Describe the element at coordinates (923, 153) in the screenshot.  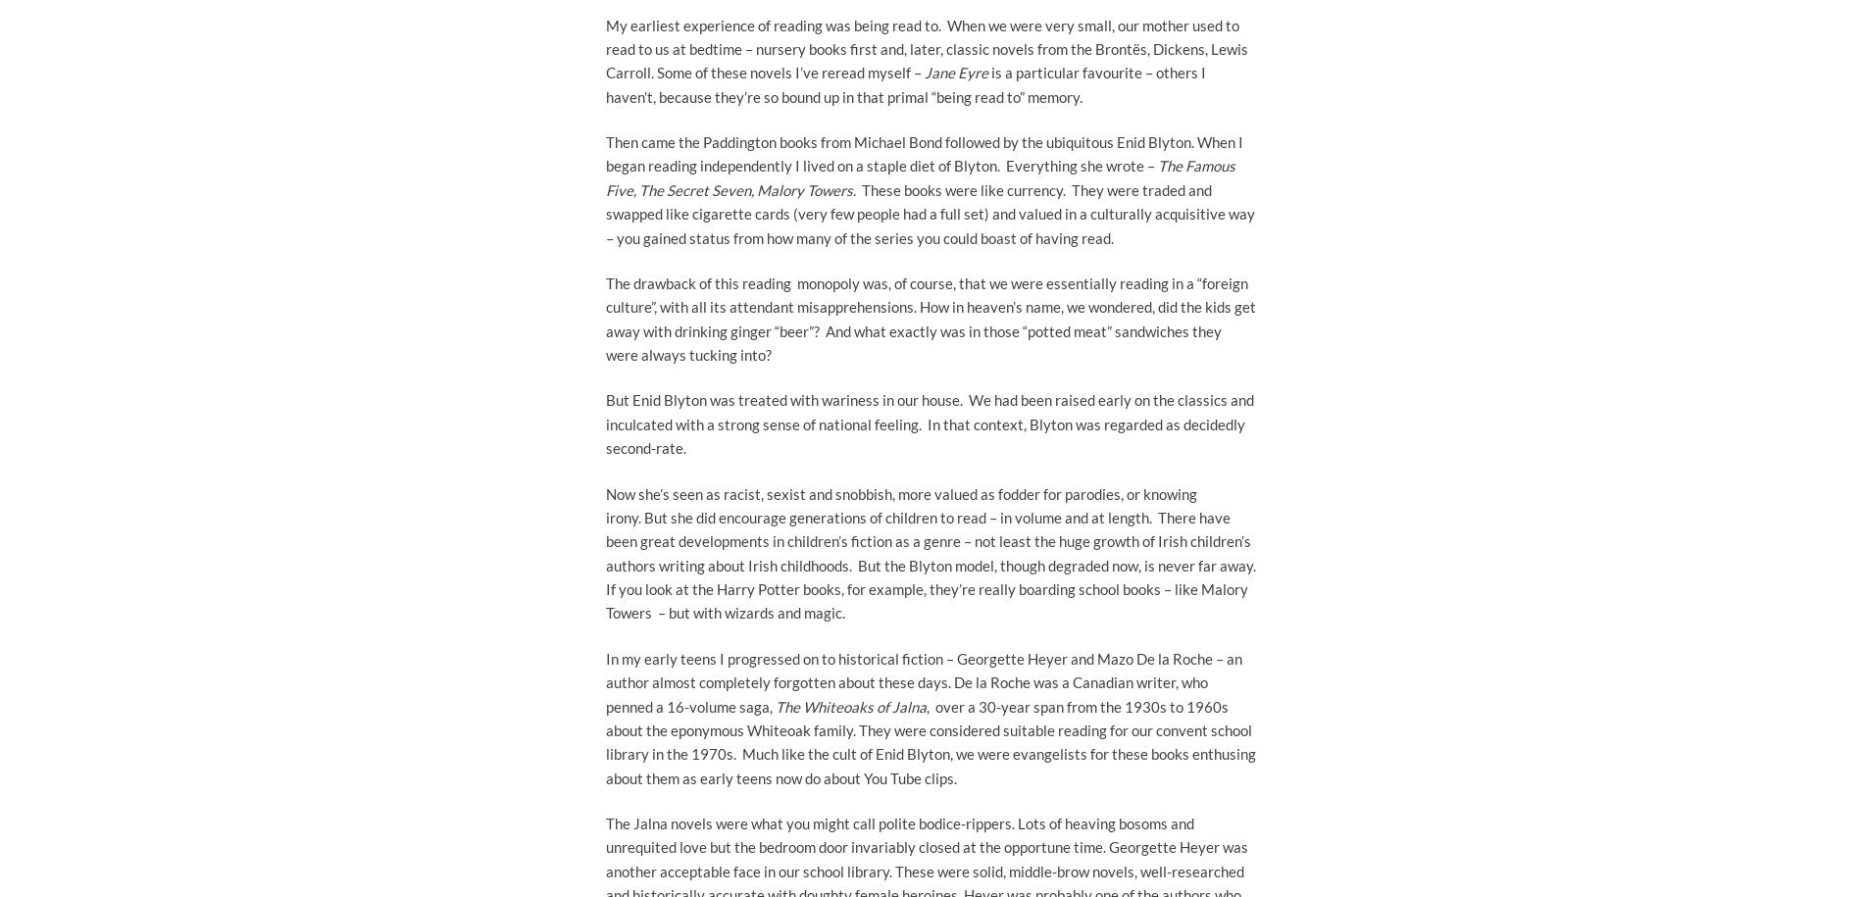
I see `'Then came the Paddington books from Michael Bond followed by the ubiquitous Enid Blyton. When I began reading independently I lived on a staple diet of Blyton.  Everything she wrote –'` at that location.